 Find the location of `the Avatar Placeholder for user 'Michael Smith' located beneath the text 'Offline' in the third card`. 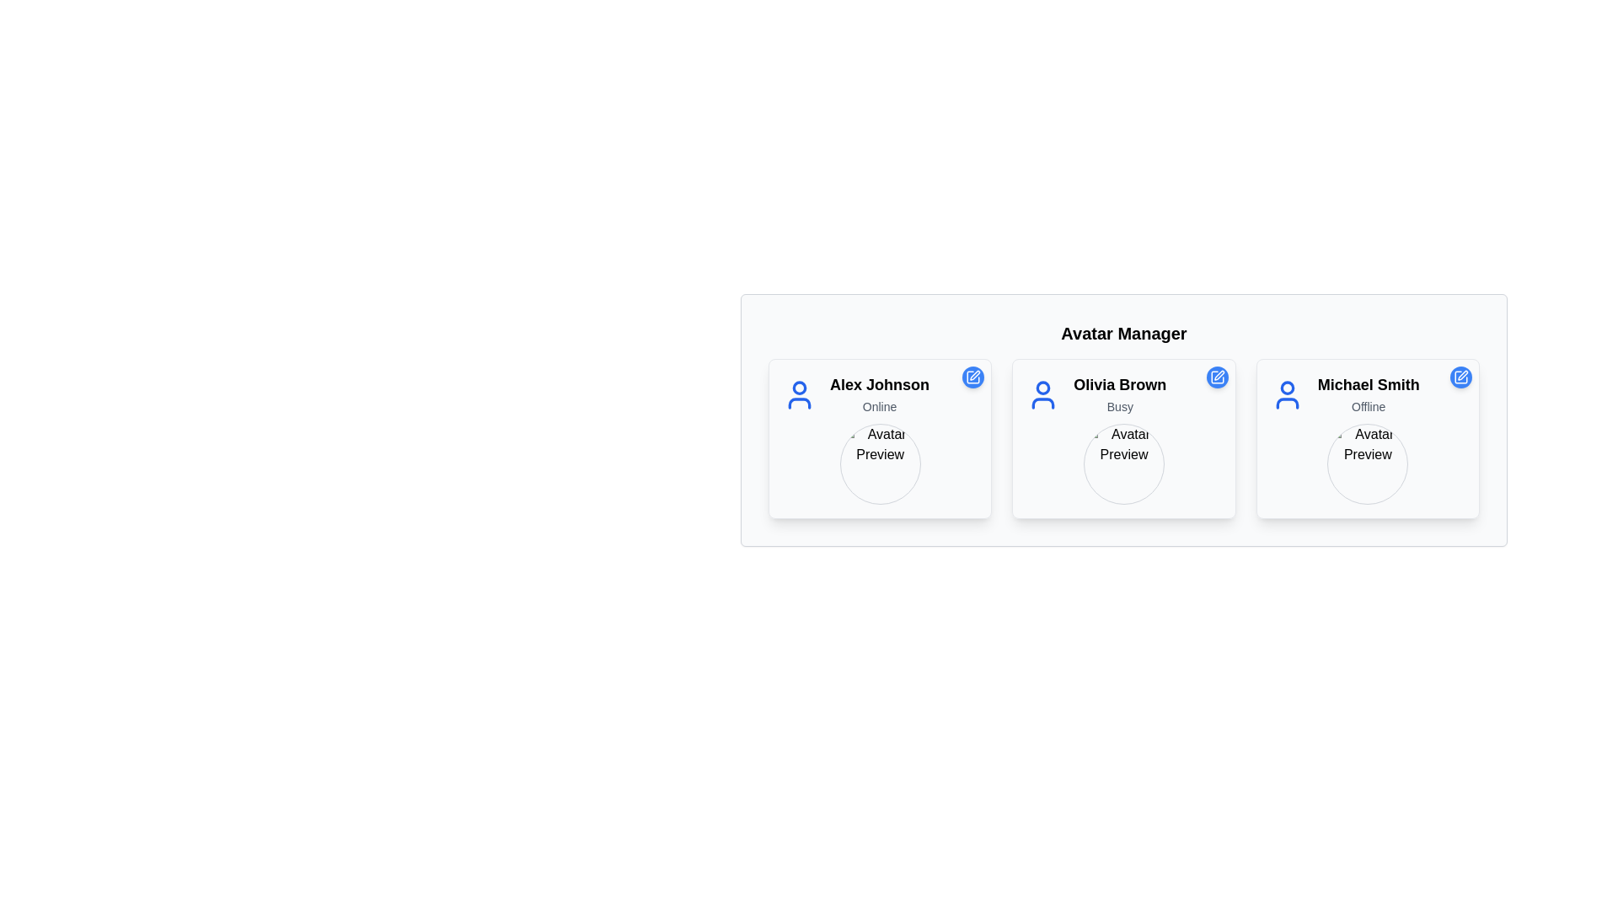

the Avatar Placeholder for user 'Michael Smith' located beneath the text 'Offline' in the third card is located at coordinates (1368, 464).